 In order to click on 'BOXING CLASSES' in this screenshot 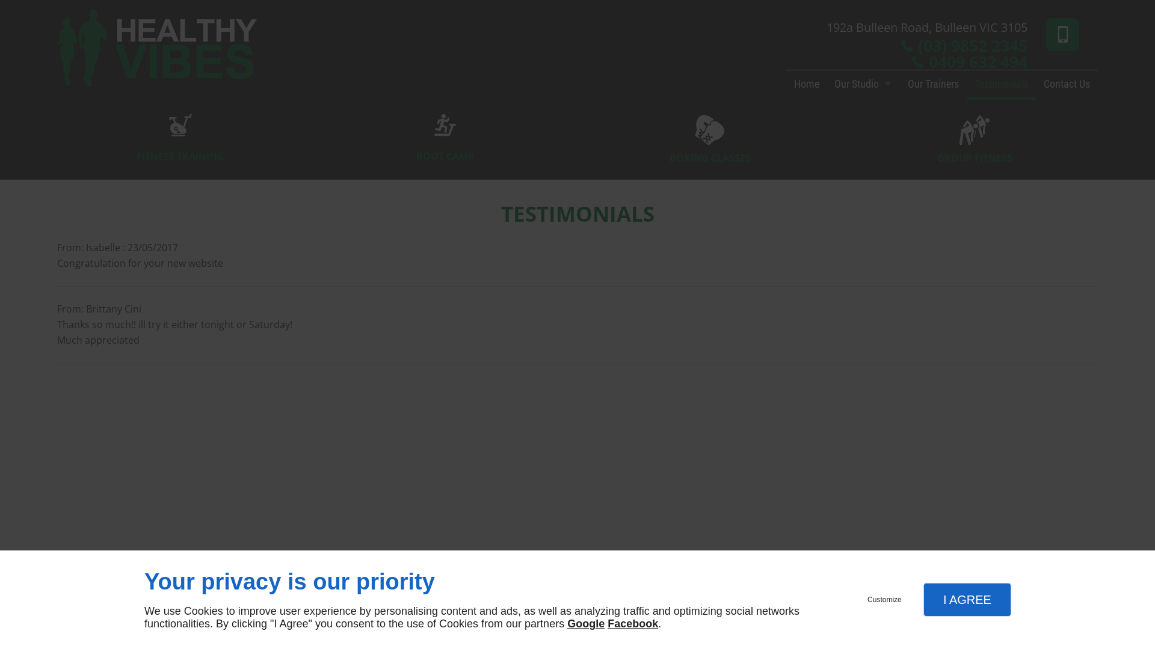, I will do `click(591, 151)`.